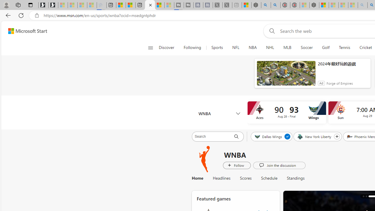 The image size is (375, 211). What do you see at coordinates (365, 47) in the screenshot?
I see `'Cricket'` at bounding box center [365, 47].